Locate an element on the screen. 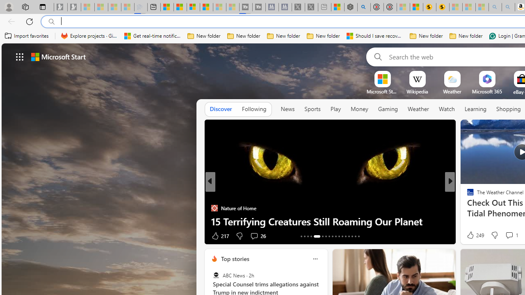  'View comments 26 Comment' is located at coordinates (257, 236).